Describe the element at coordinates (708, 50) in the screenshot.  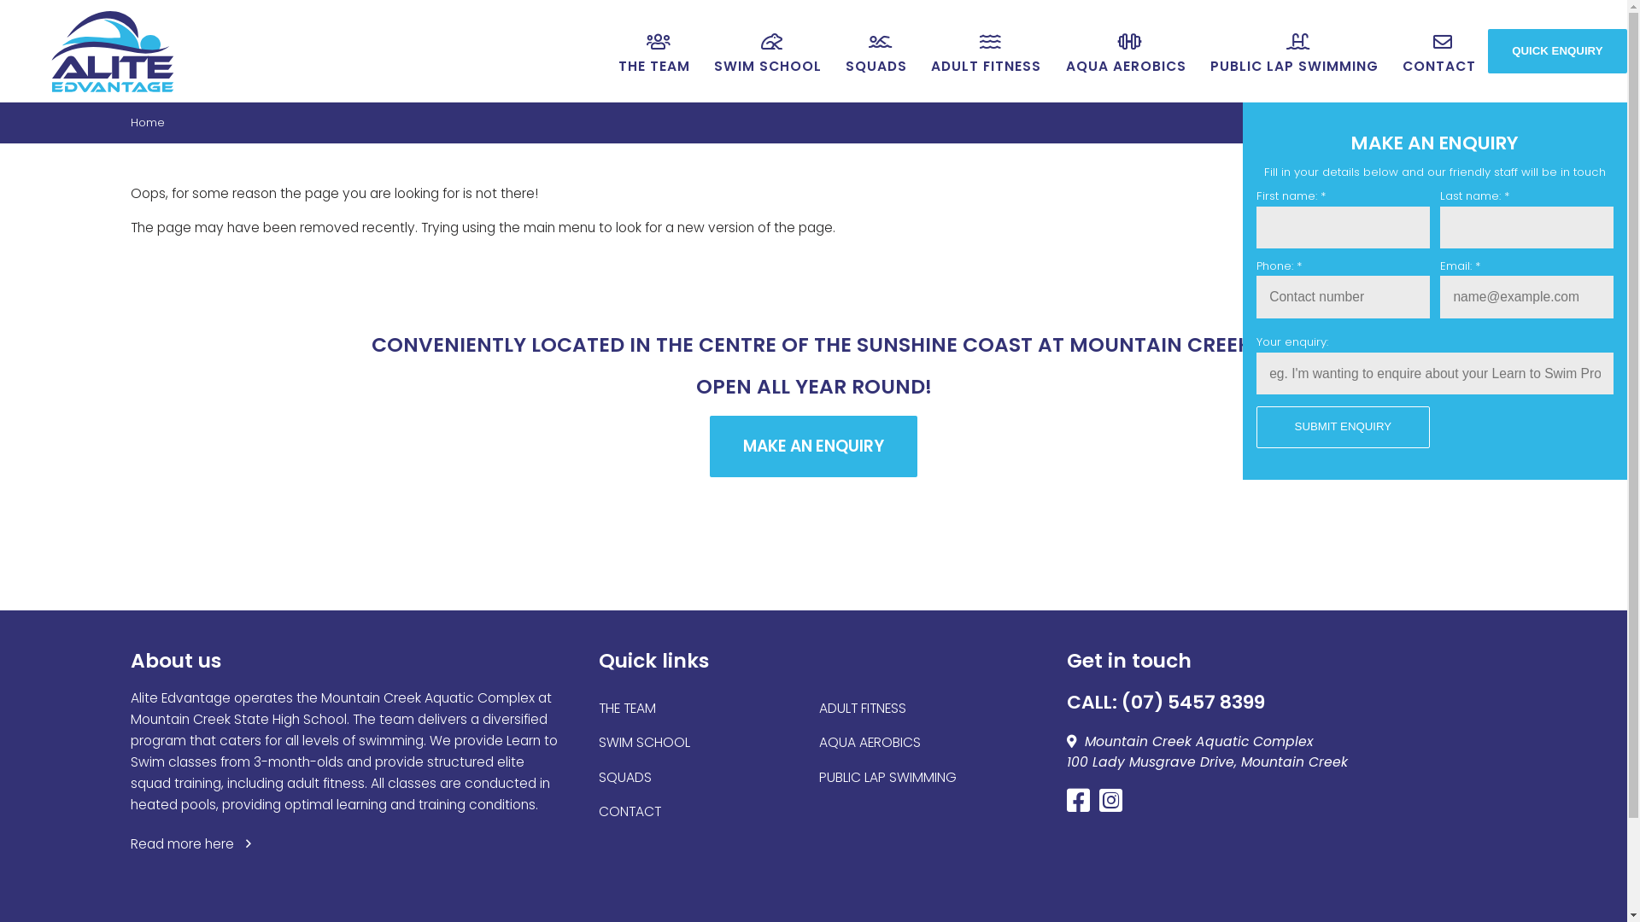
I see `'SWIM SCHOOL'` at that location.